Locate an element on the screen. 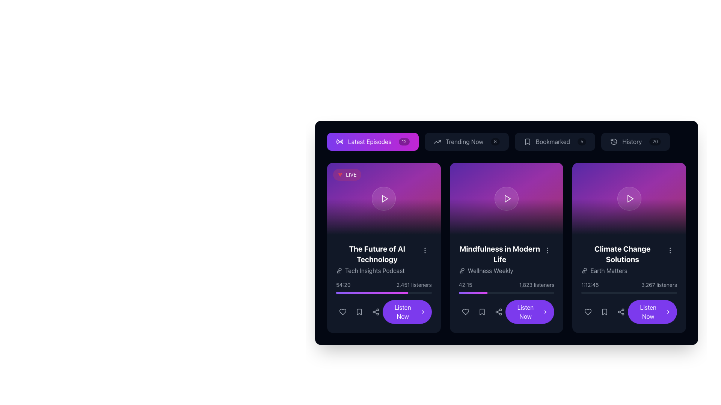 The image size is (721, 405). the share icon, which is a light gray graphical icon resembling a share symbol with interconnected circles and lines, to initiate sharing options is located at coordinates (376, 312).